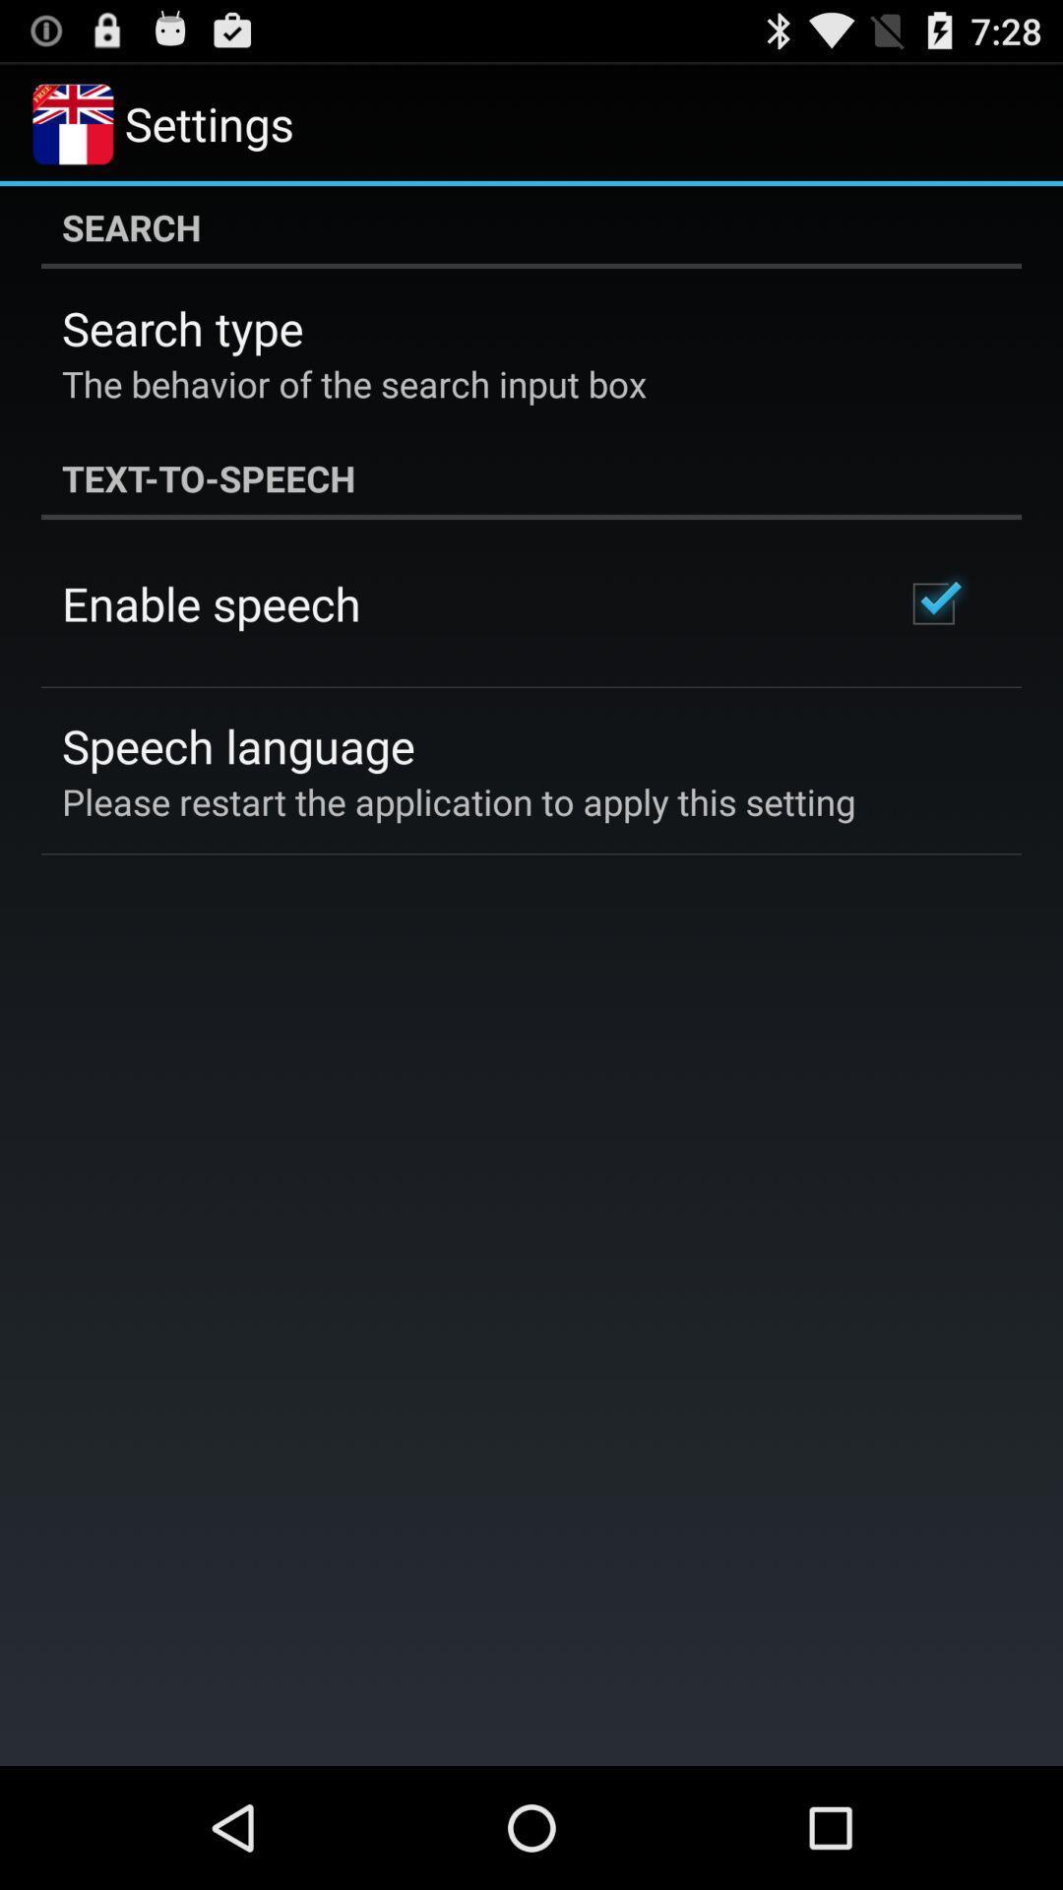 Image resolution: width=1063 pixels, height=1890 pixels. I want to click on item next to enable speech icon, so click(932, 602).